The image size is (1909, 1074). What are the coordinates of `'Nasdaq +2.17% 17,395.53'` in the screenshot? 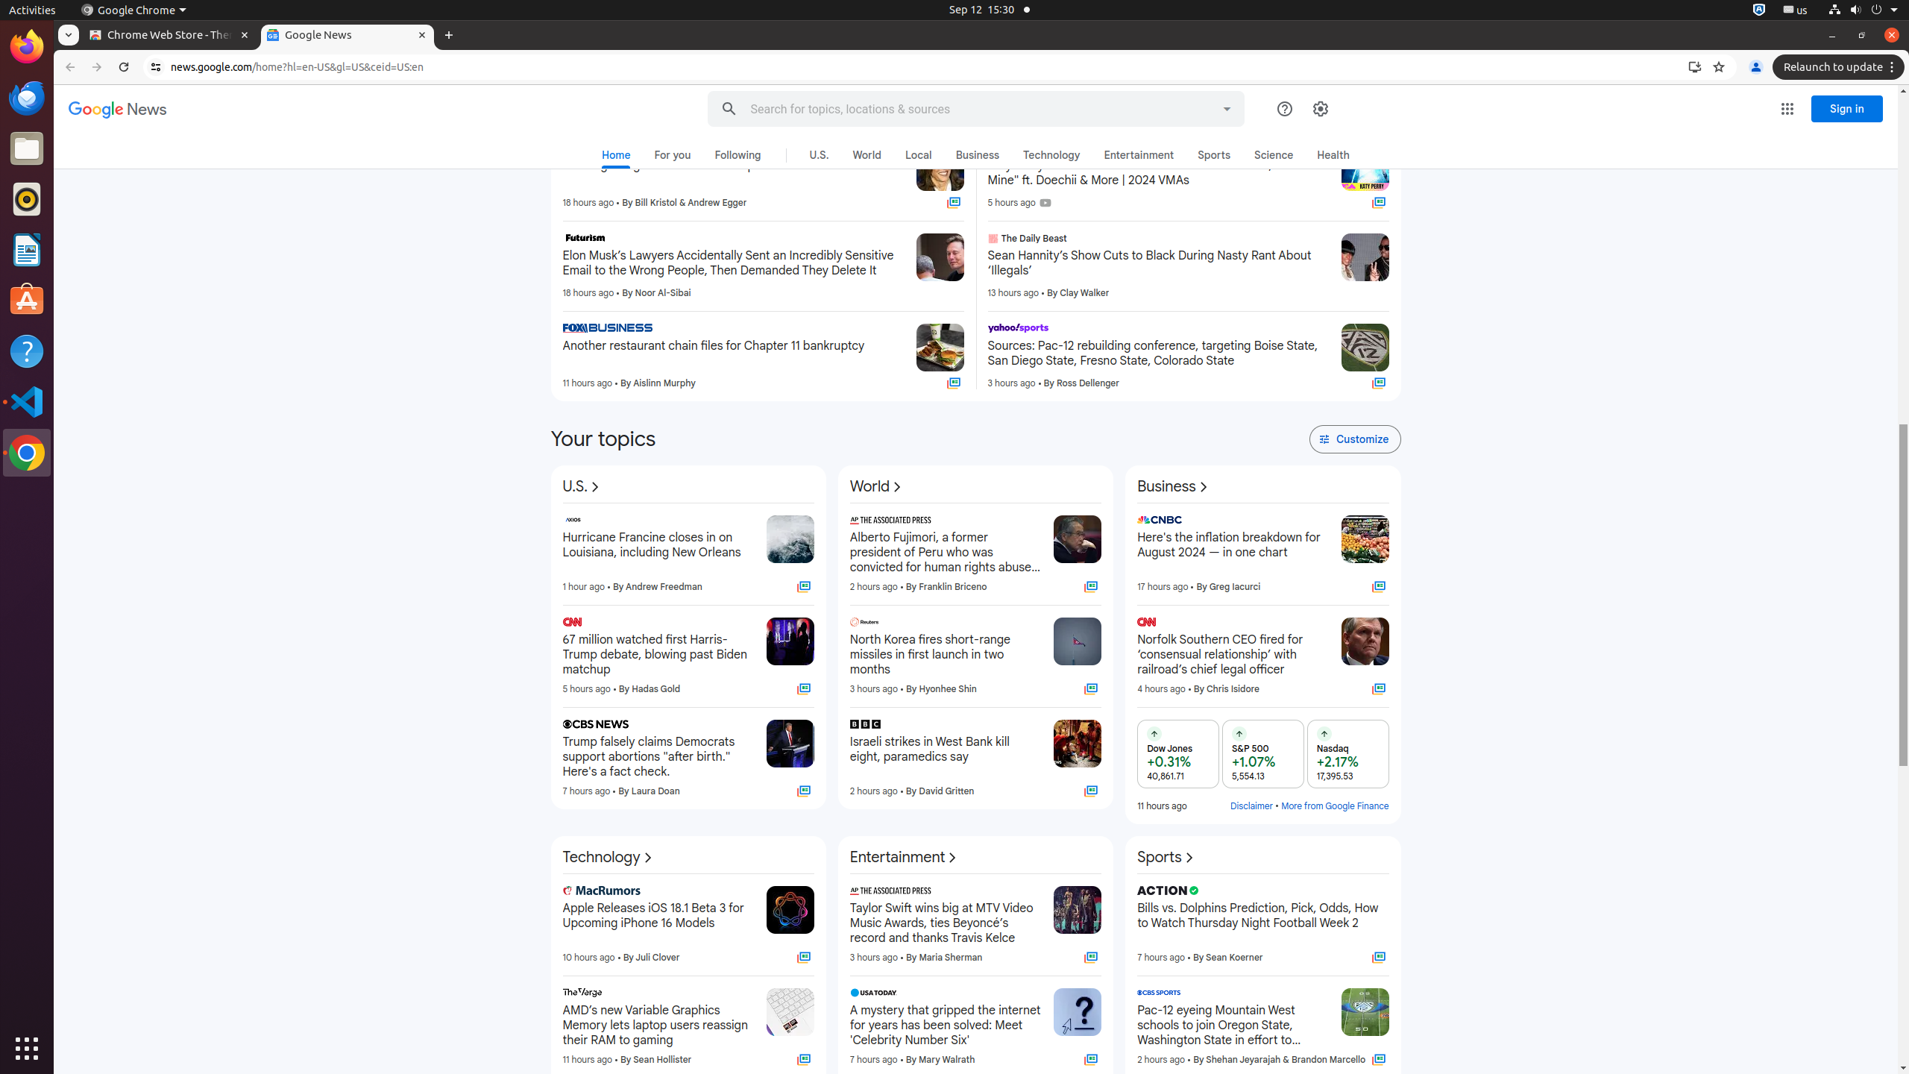 It's located at (1347, 754).